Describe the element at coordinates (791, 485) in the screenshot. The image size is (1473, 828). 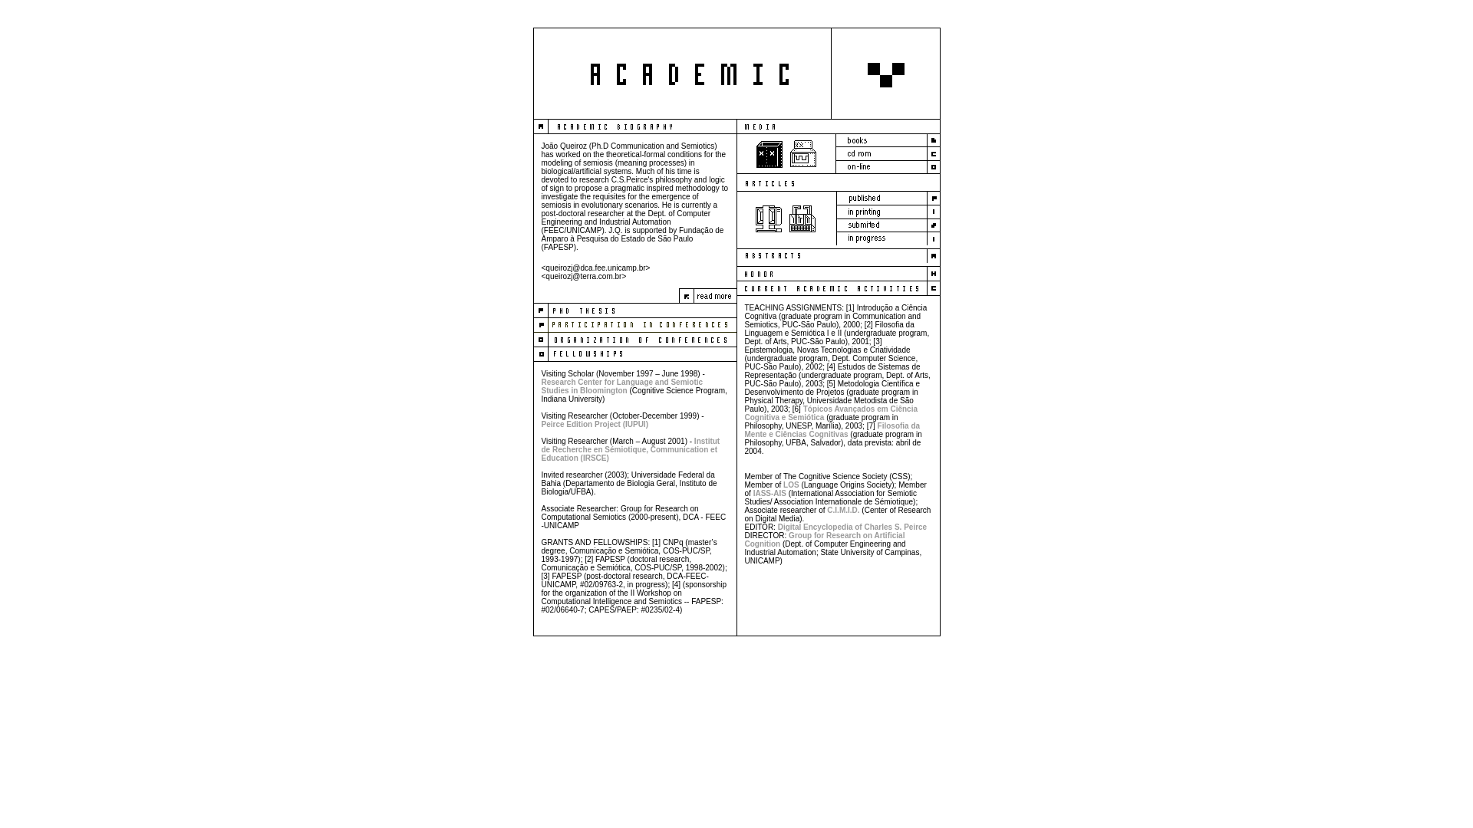
I see `'LOS'` at that location.